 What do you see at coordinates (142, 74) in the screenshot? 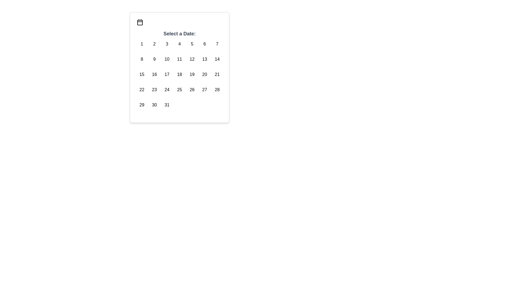
I see `the circular button labeled '15', which is located in the second row and first column of the calendar grid` at bounding box center [142, 74].